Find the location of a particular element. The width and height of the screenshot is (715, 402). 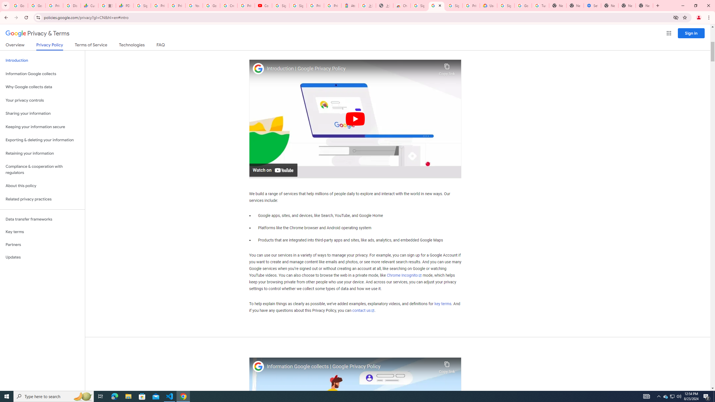

'Data transfer frameworks' is located at coordinates (42, 219).